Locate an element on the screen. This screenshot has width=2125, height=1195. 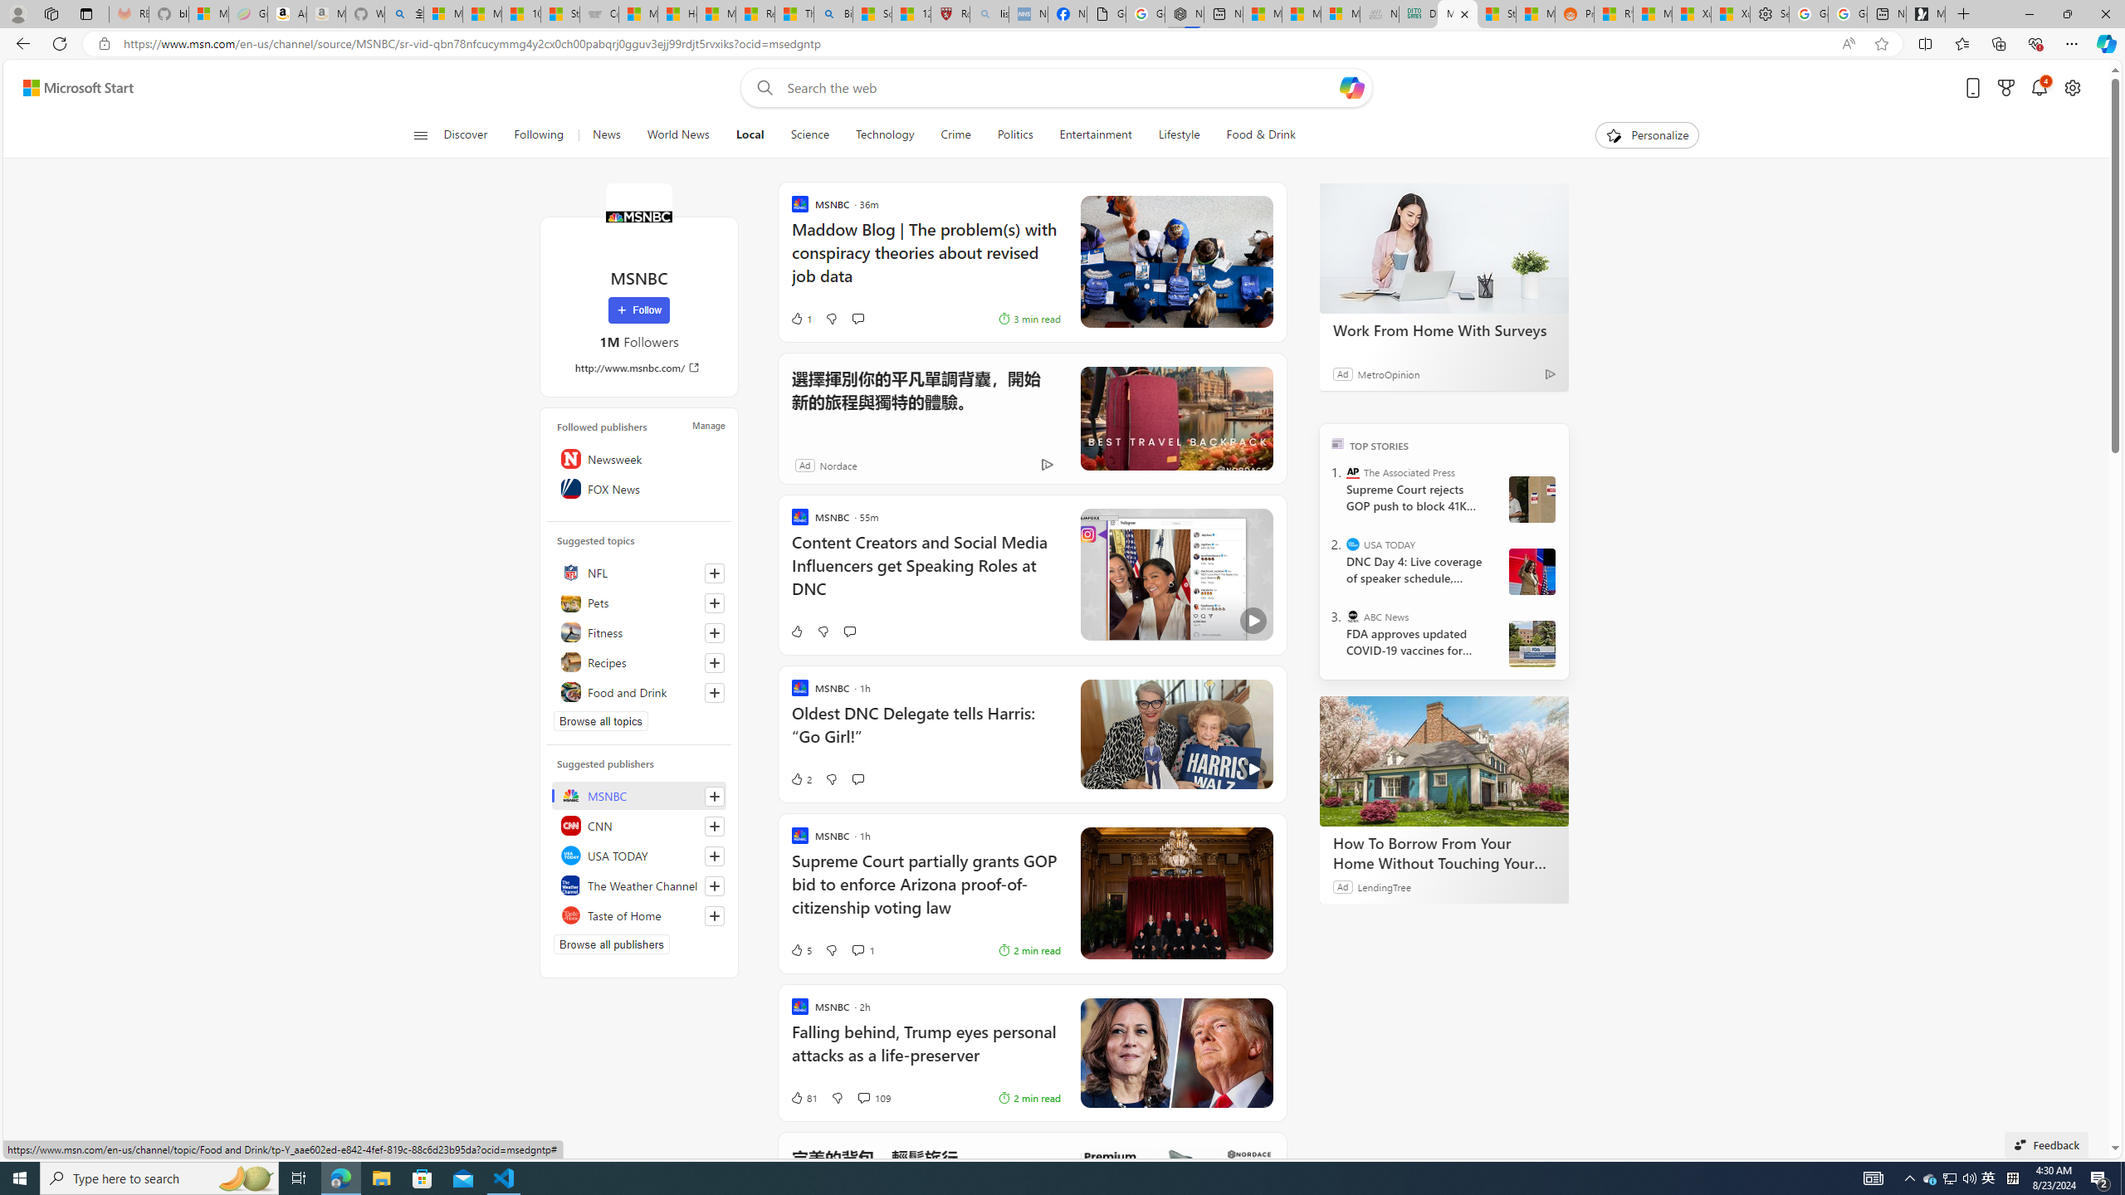
'Food & Drink' is located at coordinates (1261, 134).